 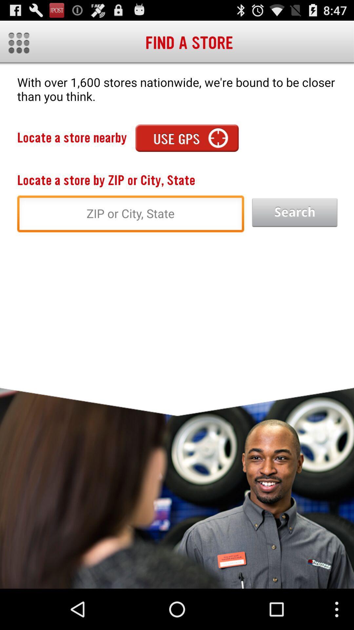 I want to click on a gps, so click(x=187, y=137).